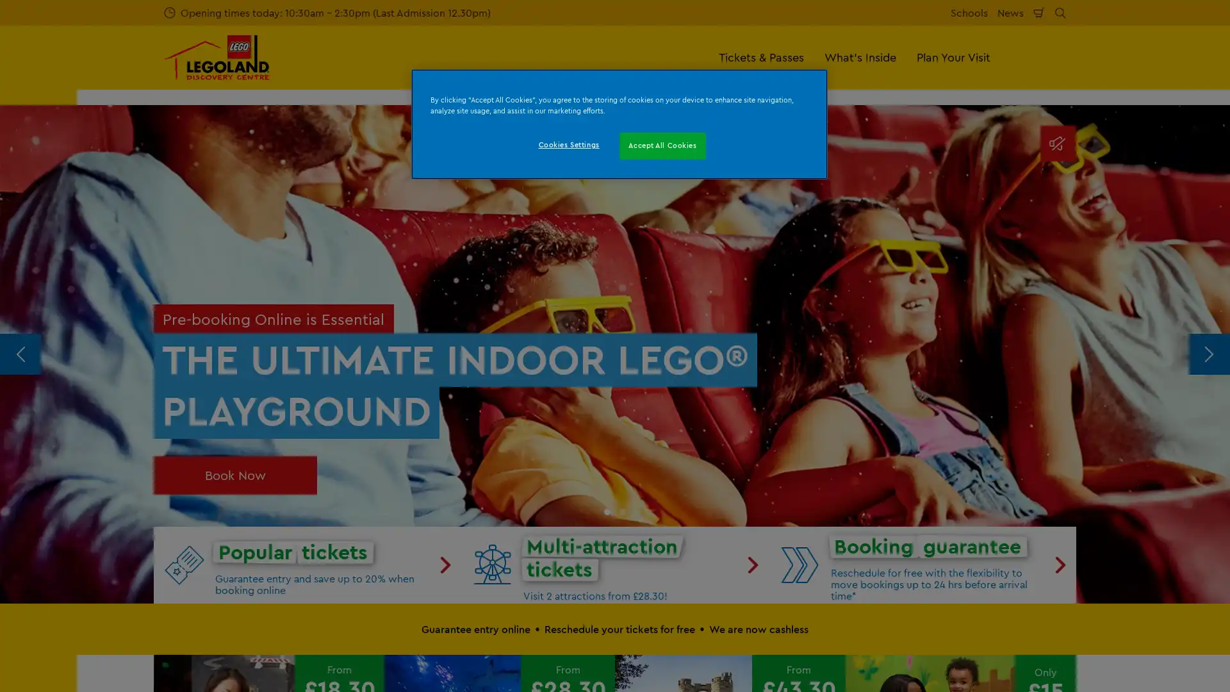 The image size is (1230, 692). I want to click on Plan Your Visit, so click(953, 56).